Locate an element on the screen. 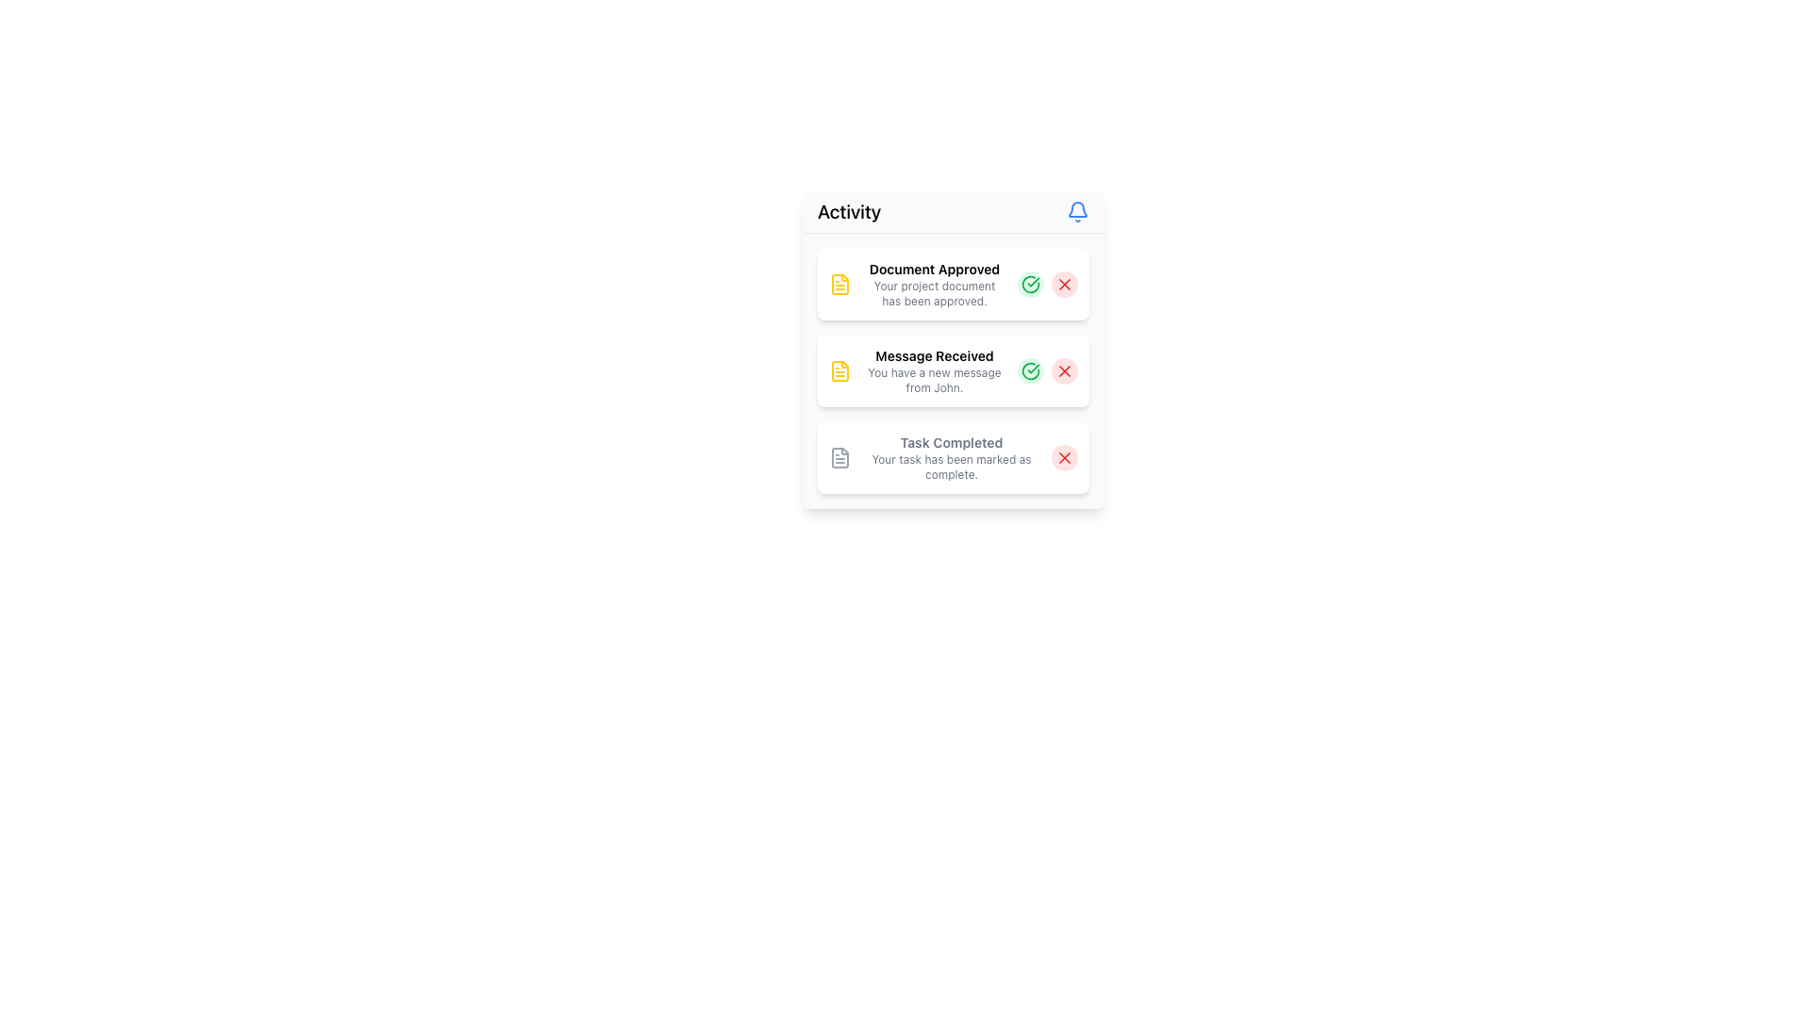 Image resolution: width=1811 pixels, height=1018 pixels. the document icon with a yellow outline that indicates a received message in the second notification of the 'Activity' section is located at coordinates (839, 370).